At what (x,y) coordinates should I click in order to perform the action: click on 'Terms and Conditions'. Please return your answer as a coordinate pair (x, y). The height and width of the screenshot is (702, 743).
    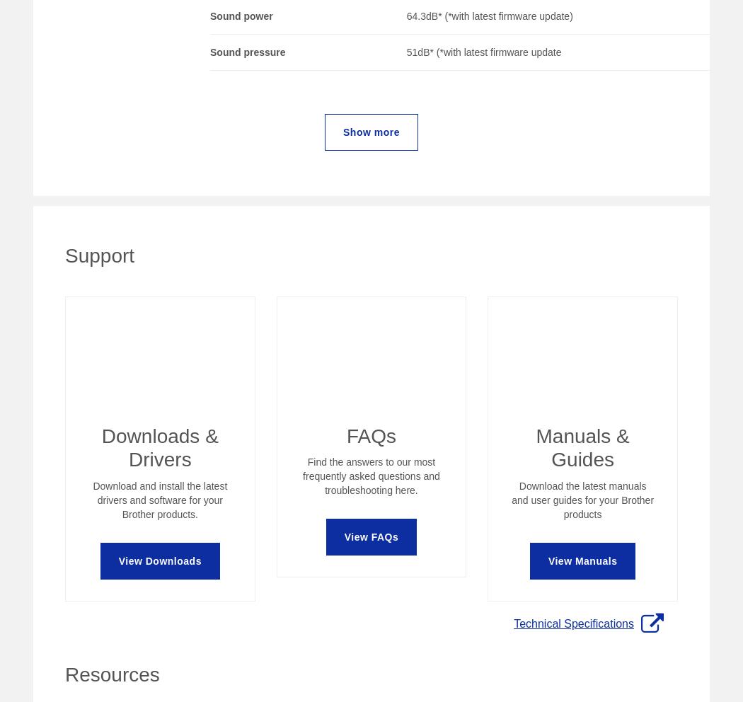
    Looking at the image, I should click on (664, 585).